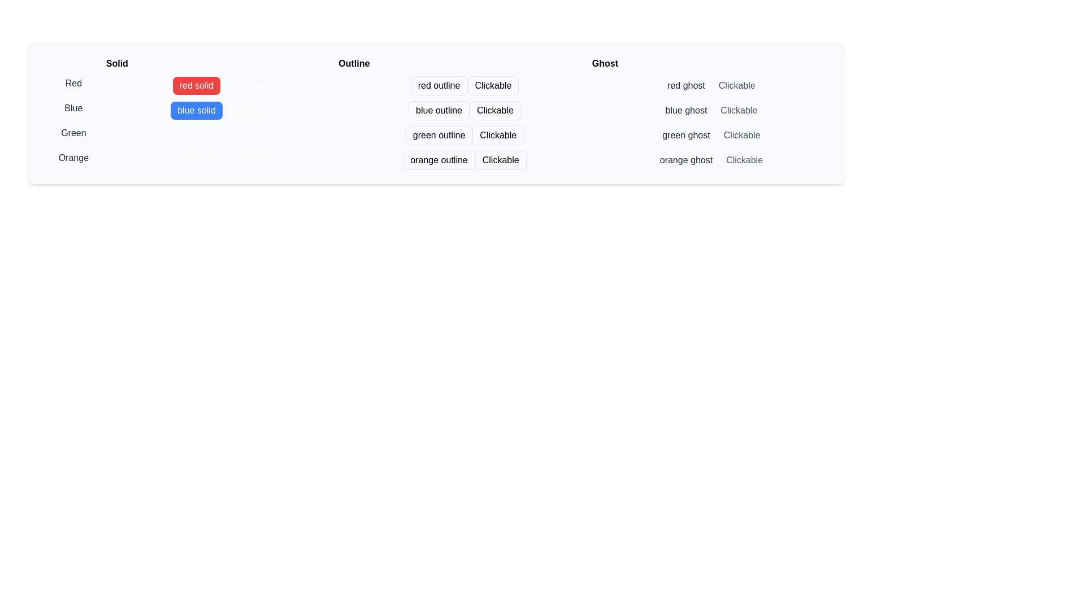 The width and height of the screenshot is (1085, 610). What do you see at coordinates (222, 82) in the screenshot?
I see `the 'red solid' button located` at bounding box center [222, 82].